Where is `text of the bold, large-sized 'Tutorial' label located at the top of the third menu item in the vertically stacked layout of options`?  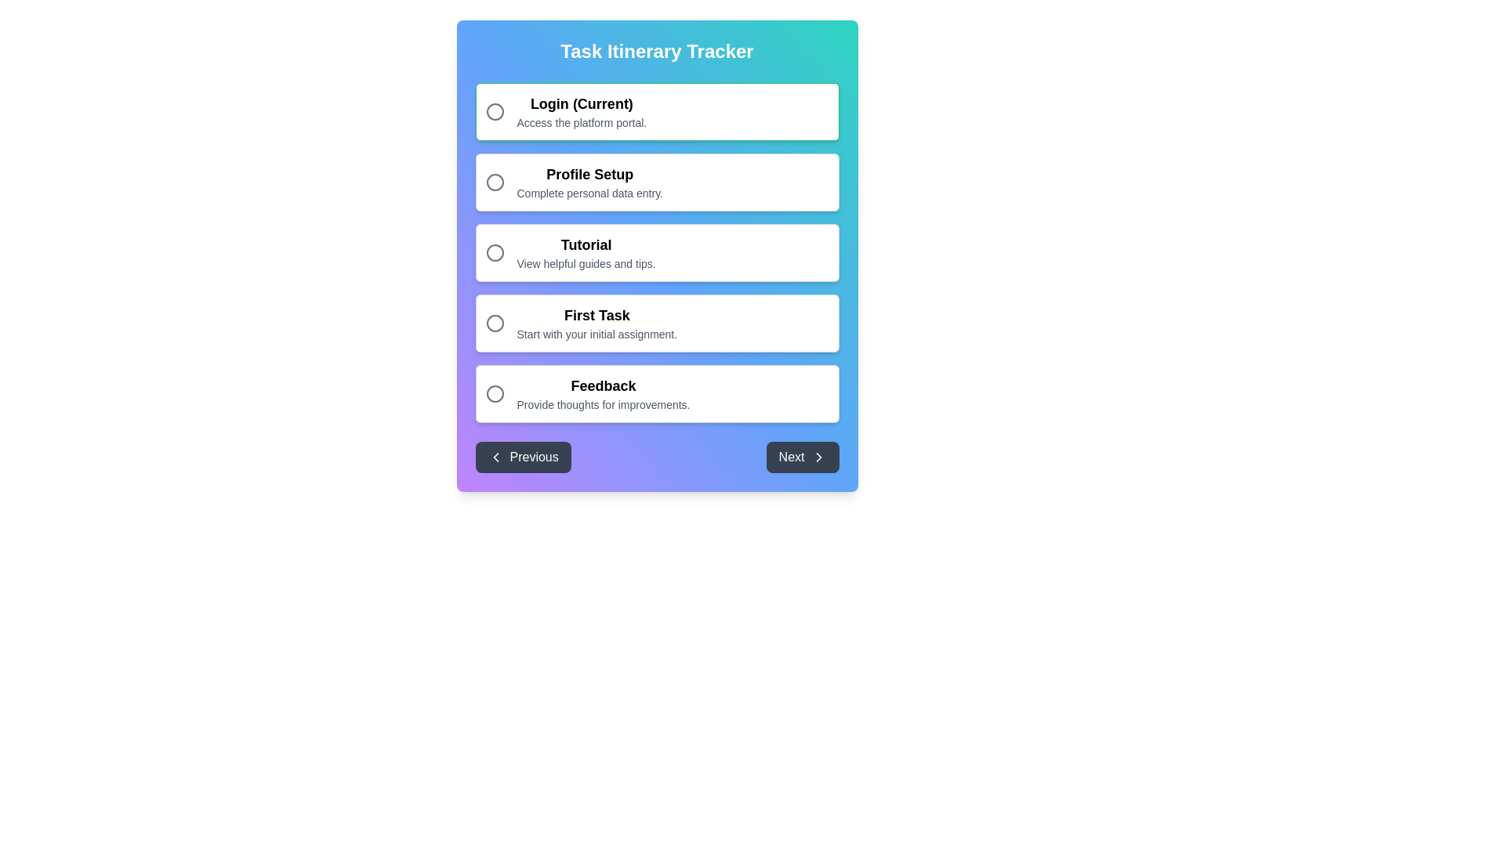 text of the bold, large-sized 'Tutorial' label located at the top of the third menu item in the vertically stacked layout of options is located at coordinates (586, 244).